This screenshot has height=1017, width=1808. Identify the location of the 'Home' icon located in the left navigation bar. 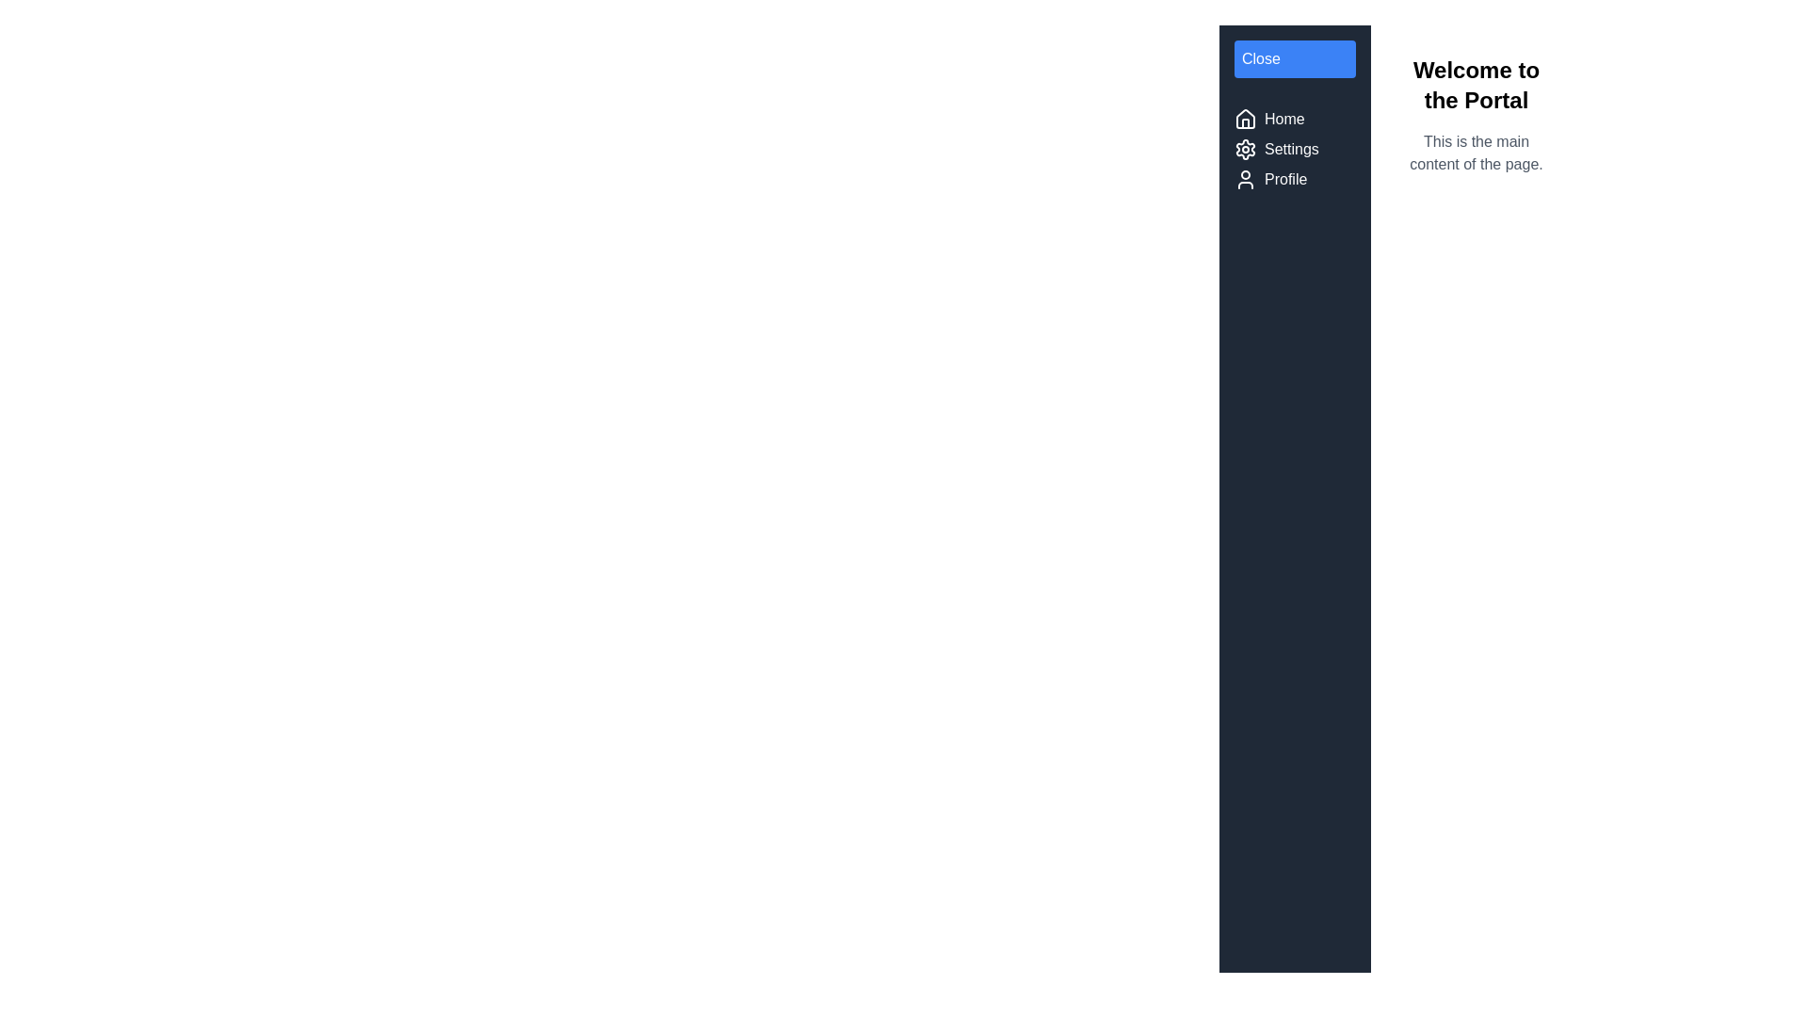
(1246, 120).